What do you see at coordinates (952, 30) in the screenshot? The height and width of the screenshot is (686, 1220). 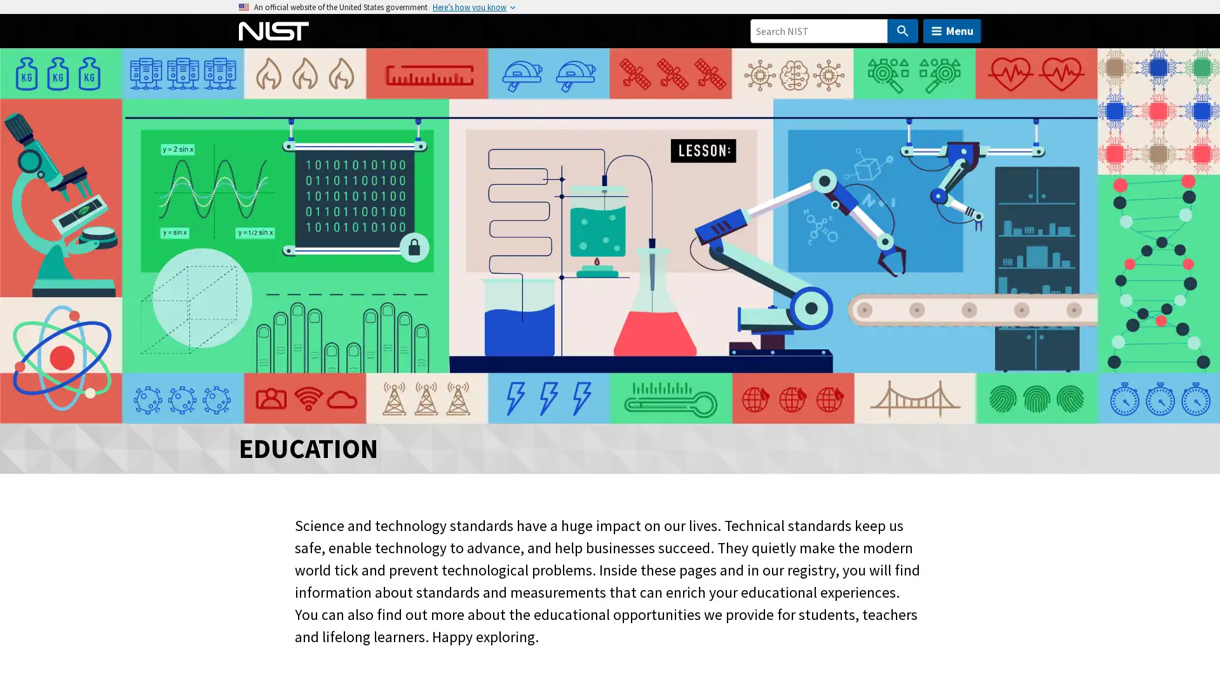 I see `Menu` at bounding box center [952, 30].